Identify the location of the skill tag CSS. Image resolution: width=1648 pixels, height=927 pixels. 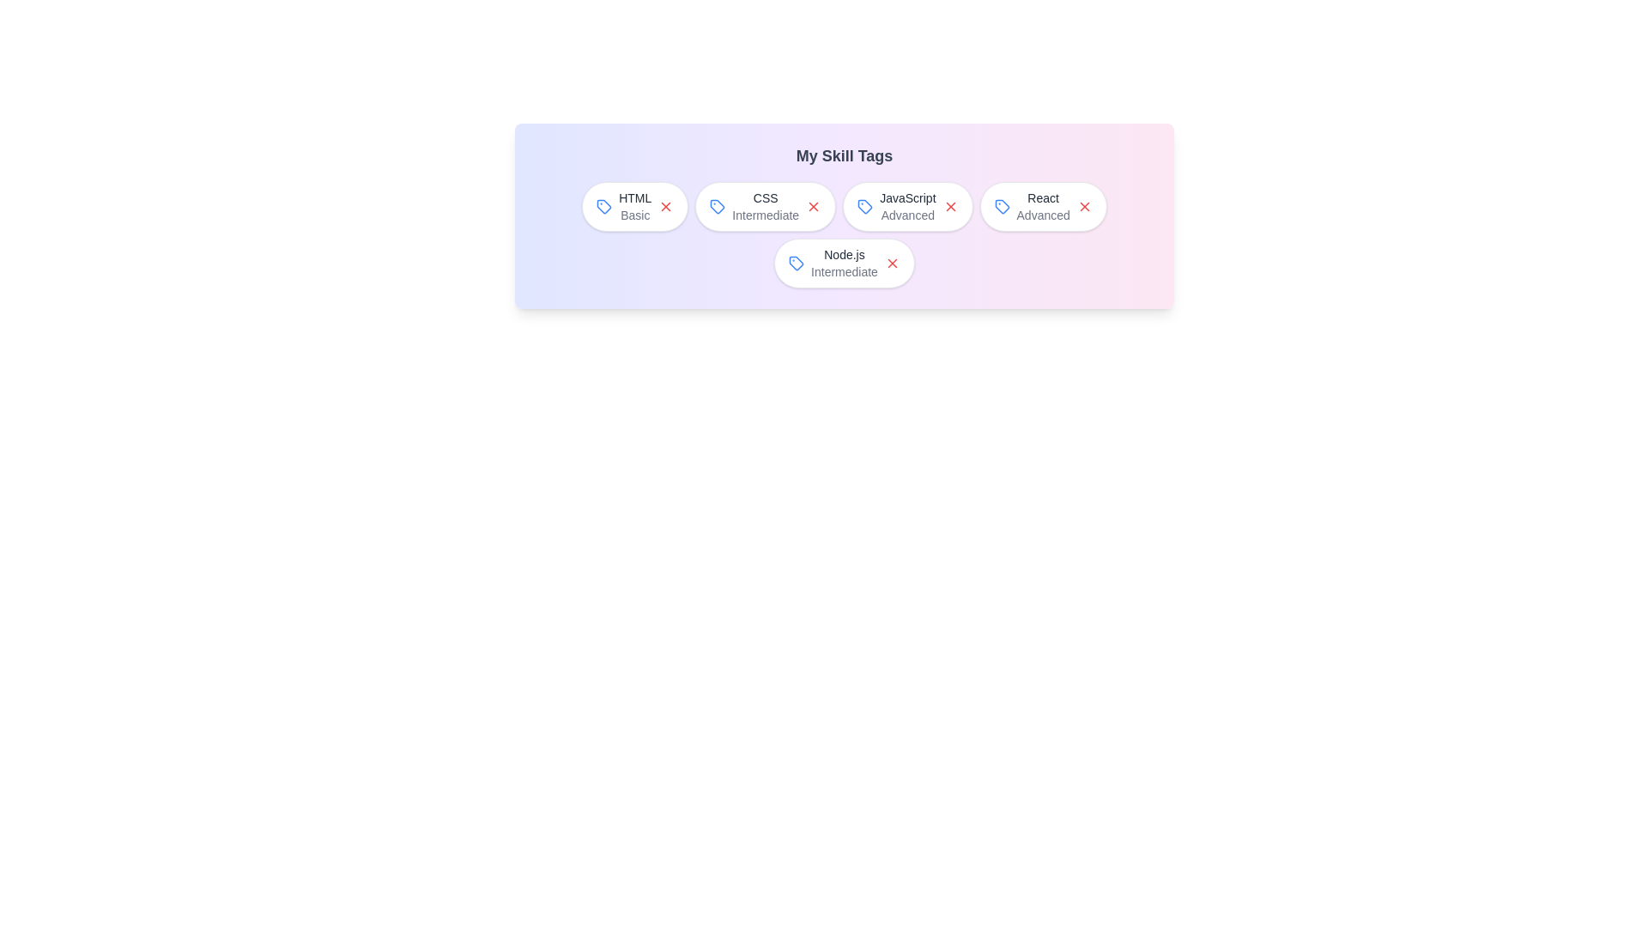
(765, 205).